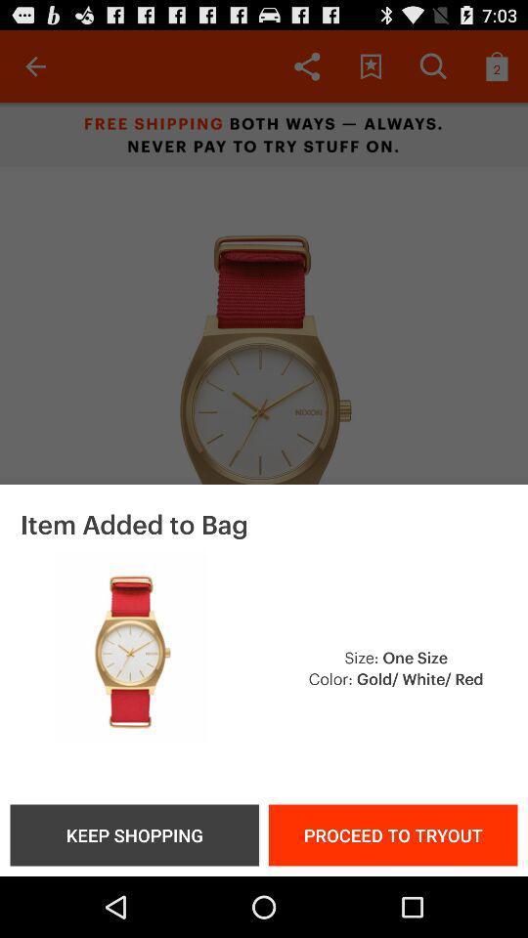 This screenshot has width=528, height=938. Describe the element at coordinates (133, 833) in the screenshot. I see `the item to the left of the proceed to tryout icon` at that location.